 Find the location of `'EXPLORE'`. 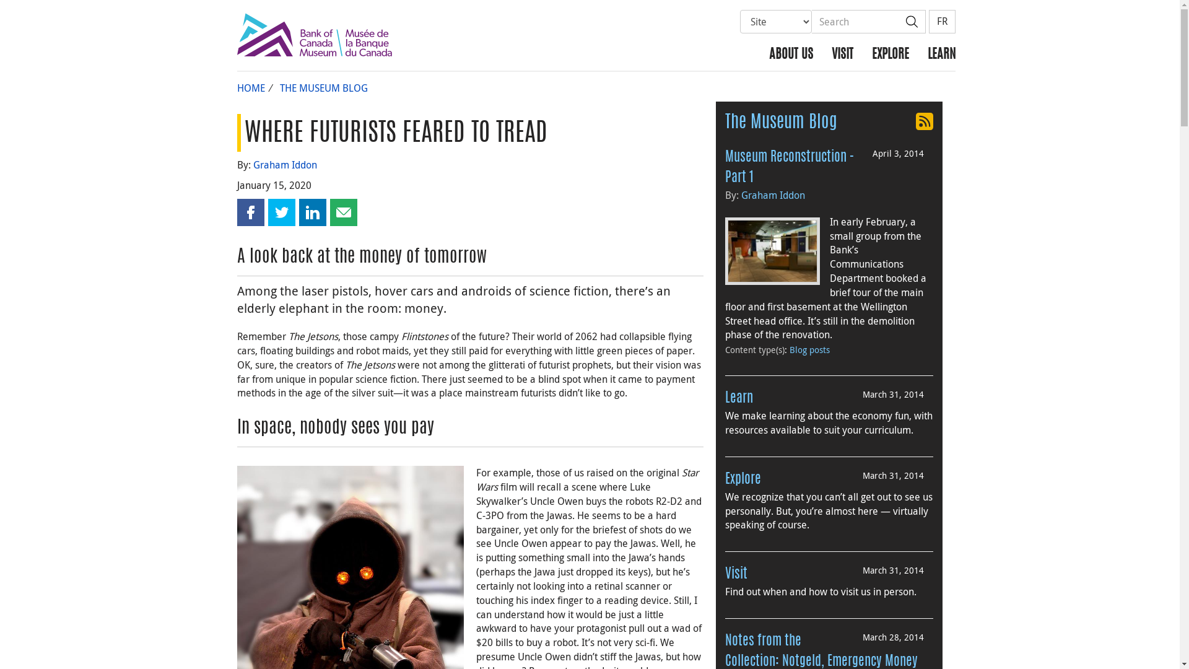

'EXPLORE' is located at coordinates (889, 53).